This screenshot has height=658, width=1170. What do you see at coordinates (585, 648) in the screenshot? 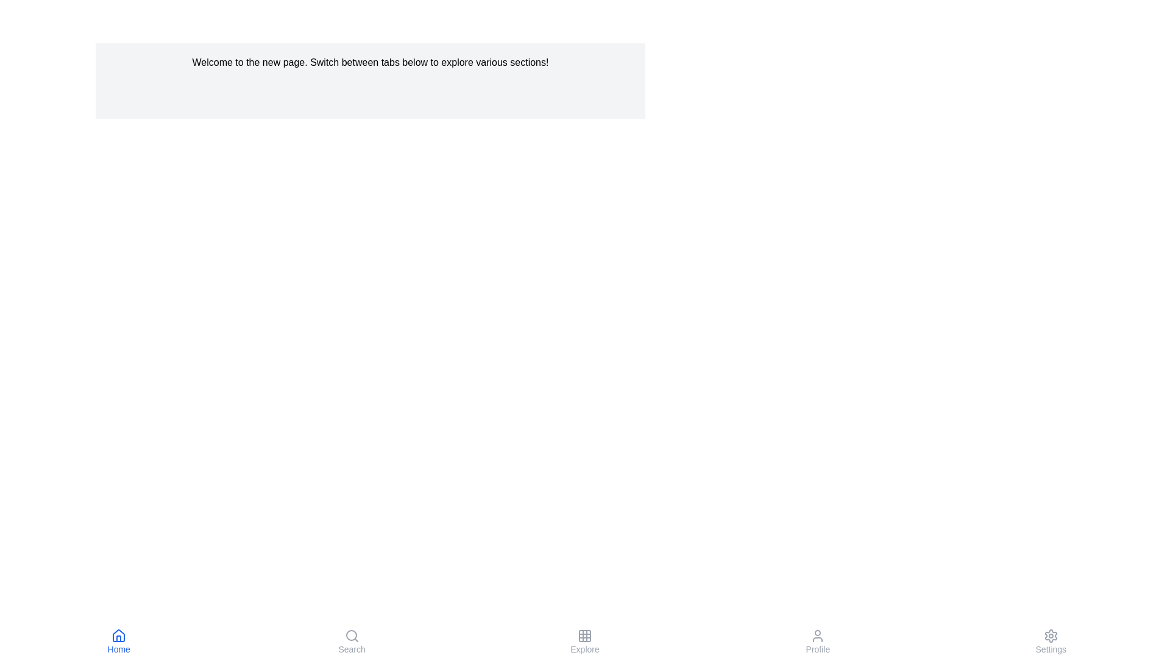
I see `the text label displaying 'Explore', which is styled in gray and positioned below the grid icon in the navigation bar` at bounding box center [585, 648].